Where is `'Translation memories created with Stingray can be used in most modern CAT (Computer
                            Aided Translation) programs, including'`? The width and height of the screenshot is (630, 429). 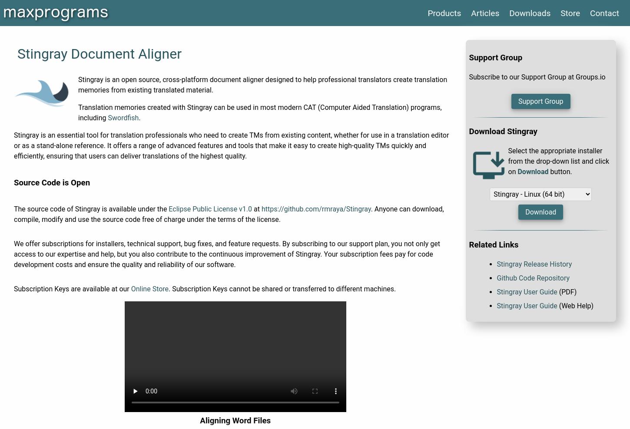 'Translation memories created with Stingray can be used in most modern CAT (Computer
                            Aided Translation) programs, including' is located at coordinates (259, 112).